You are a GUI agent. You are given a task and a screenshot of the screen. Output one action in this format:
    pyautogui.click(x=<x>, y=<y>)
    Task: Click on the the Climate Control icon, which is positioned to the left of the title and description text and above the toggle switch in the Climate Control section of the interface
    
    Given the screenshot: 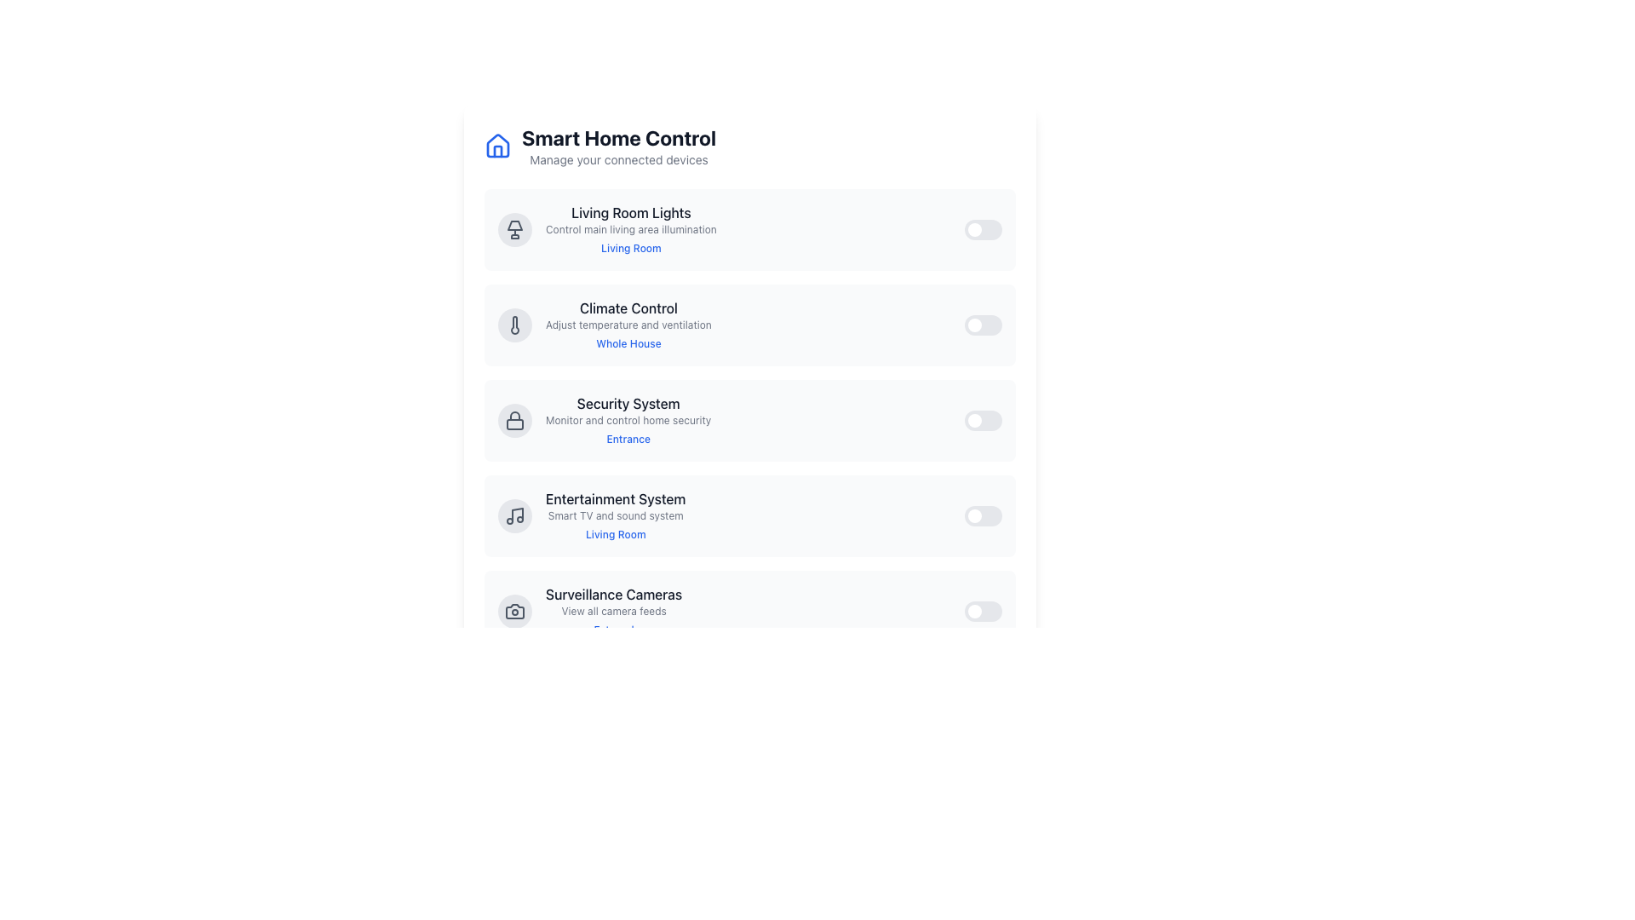 What is the action you would take?
    pyautogui.click(x=513, y=325)
    